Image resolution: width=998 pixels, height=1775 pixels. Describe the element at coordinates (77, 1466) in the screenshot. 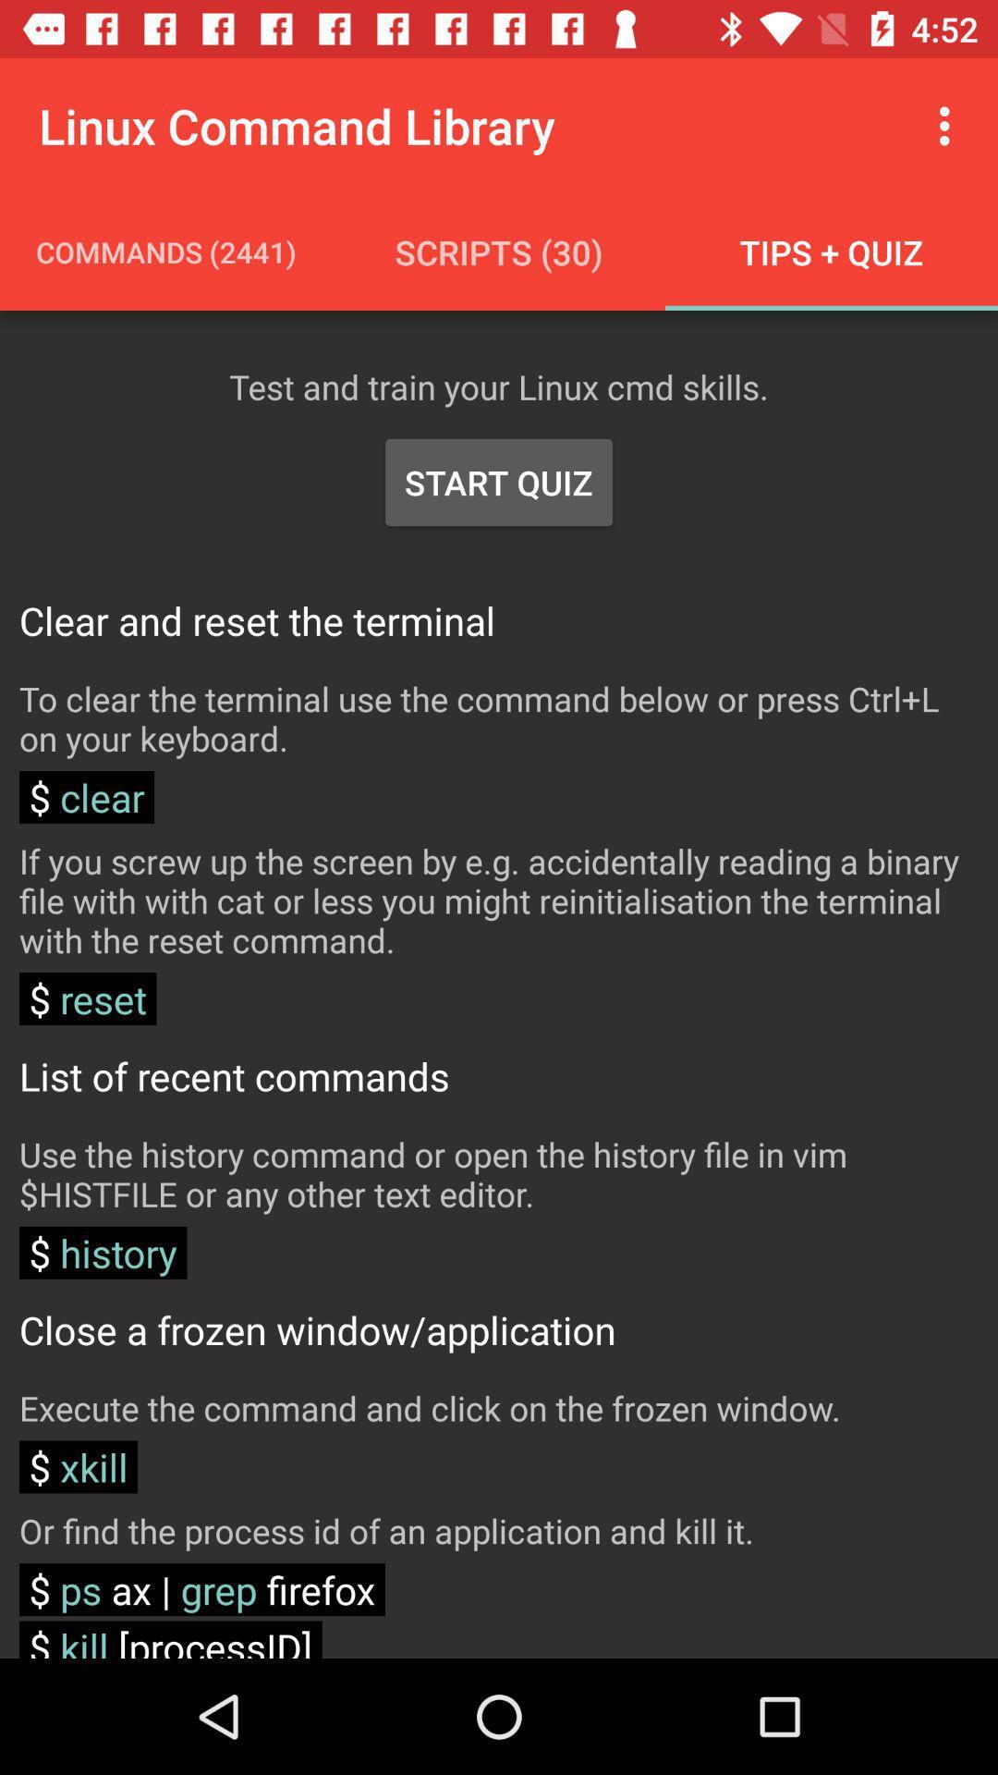

I see `xkill` at that location.